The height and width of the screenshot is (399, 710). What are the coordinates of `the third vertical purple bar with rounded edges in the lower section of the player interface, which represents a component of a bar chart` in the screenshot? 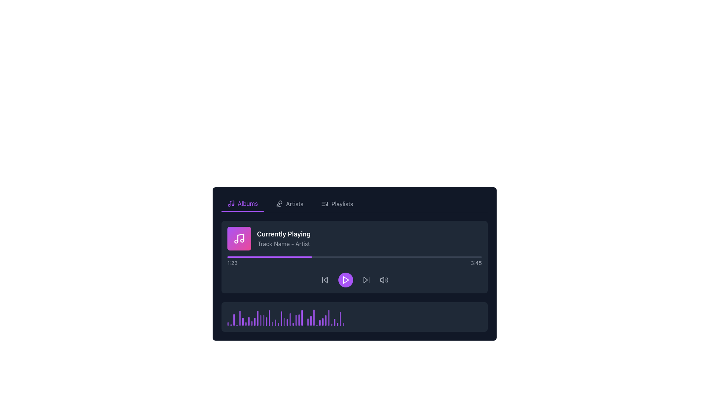 It's located at (234, 320).